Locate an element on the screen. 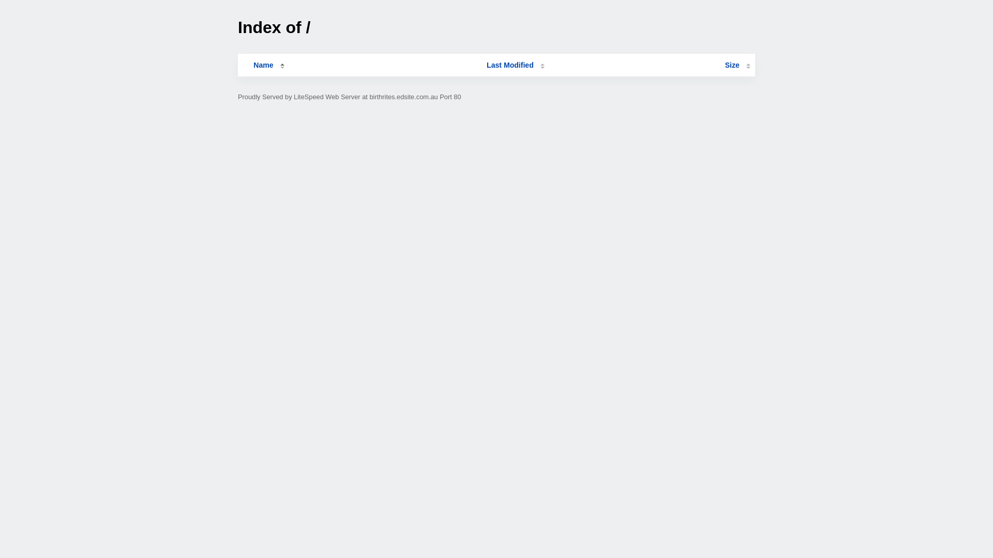 This screenshot has height=558, width=993. 'Name' is located at coordinates (263, 65).